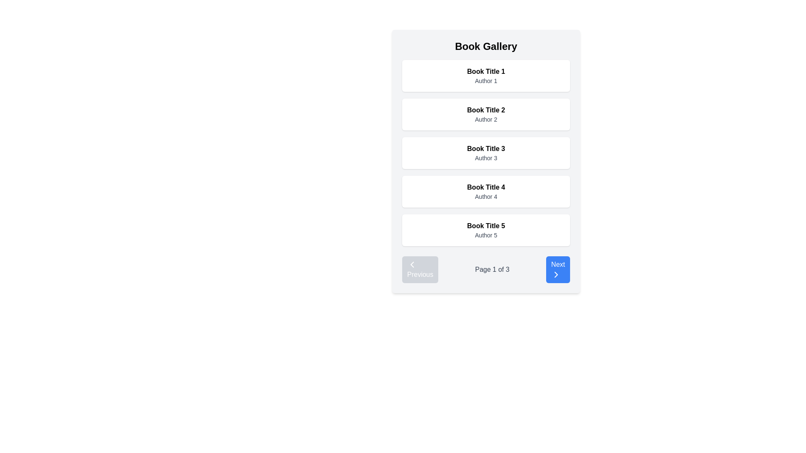 The width and height of the screenshot is (806, 453). Describe the element at coordinates (486, 71) in the screenshot. I see `title of the book displayed at the top of the first entry in the list, which is identified by the static text label positioned above the author's name` at that location.